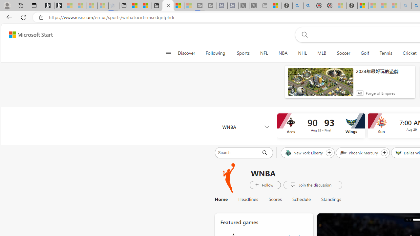  I want to click on 'New York Liberty', so click(304, 152).